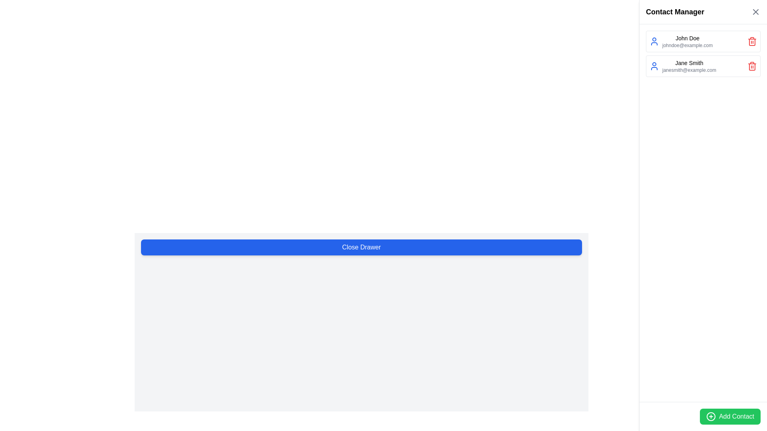 This screenshot has height=431, width=767. I want to click on the text block displaying 'John Doe' and 'johndoe@example.com', so click(681, 42).